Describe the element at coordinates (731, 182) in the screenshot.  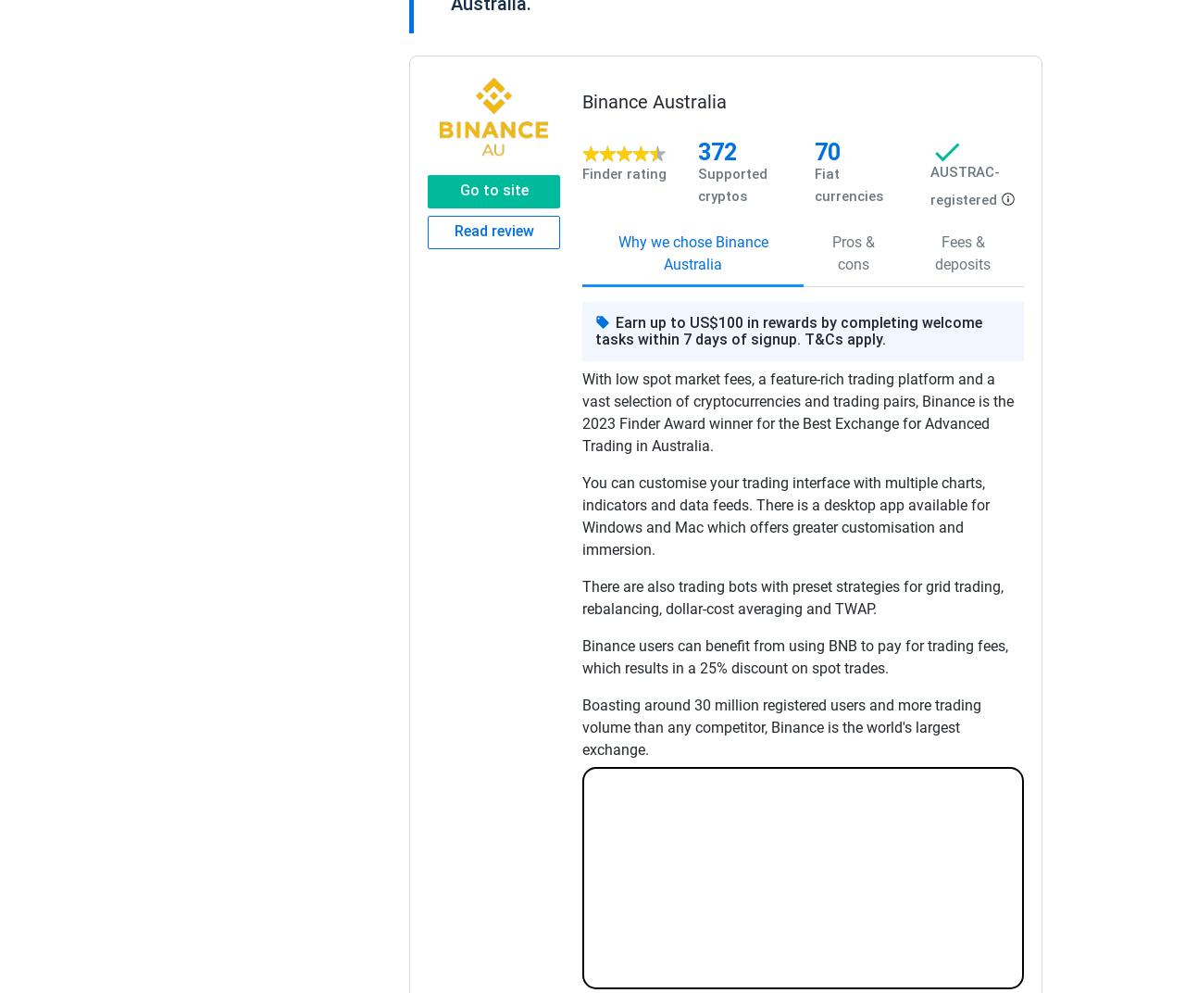
I see `'Supported cryptos'` at that location.